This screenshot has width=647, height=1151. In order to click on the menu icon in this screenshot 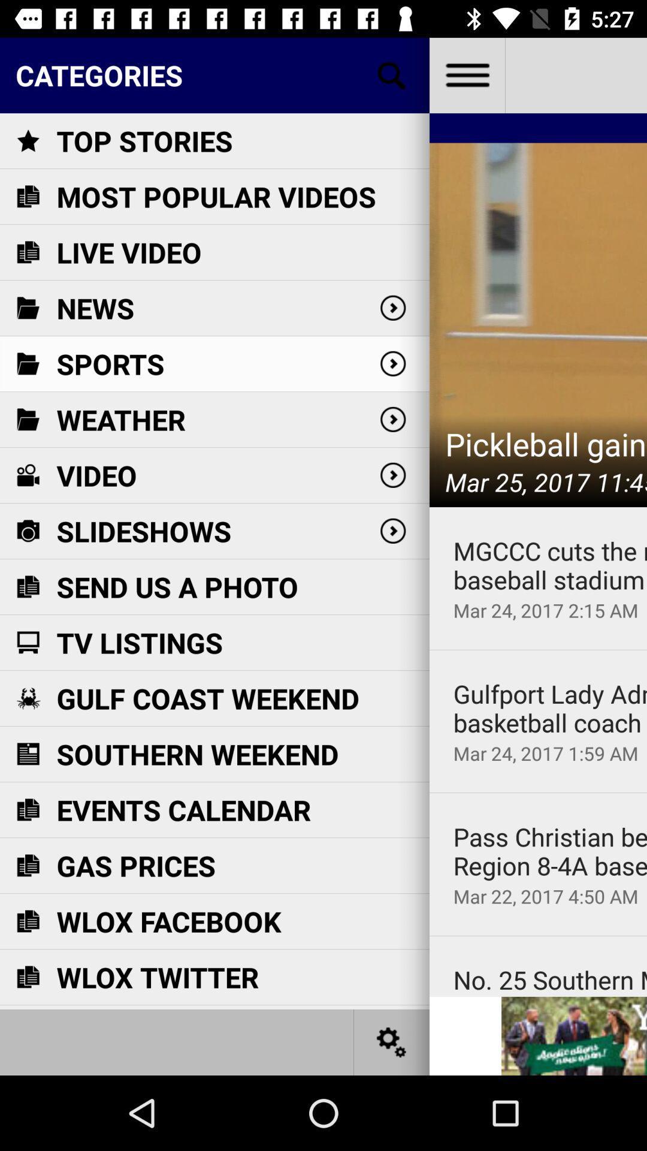, I will do `click(466, 74)`.